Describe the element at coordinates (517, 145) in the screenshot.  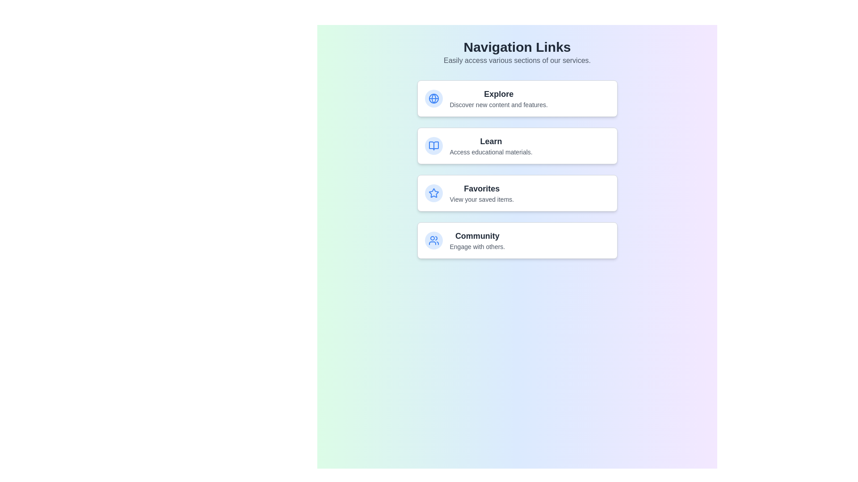
I see `the second card in the navigation options labeled 'Learn'` at that location.